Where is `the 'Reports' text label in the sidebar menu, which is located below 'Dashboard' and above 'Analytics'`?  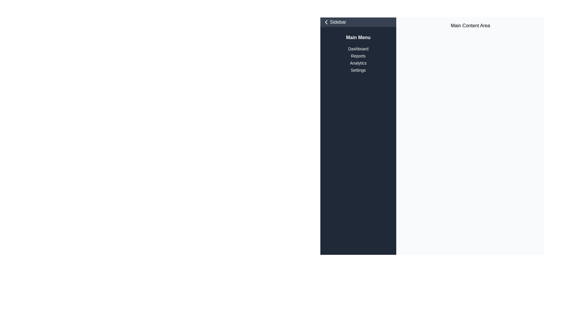 the 'Reports' text label in the sidebar menu, which is located below 'Dashboard' and above 'Analytics' is located at coordinates (358, 56).